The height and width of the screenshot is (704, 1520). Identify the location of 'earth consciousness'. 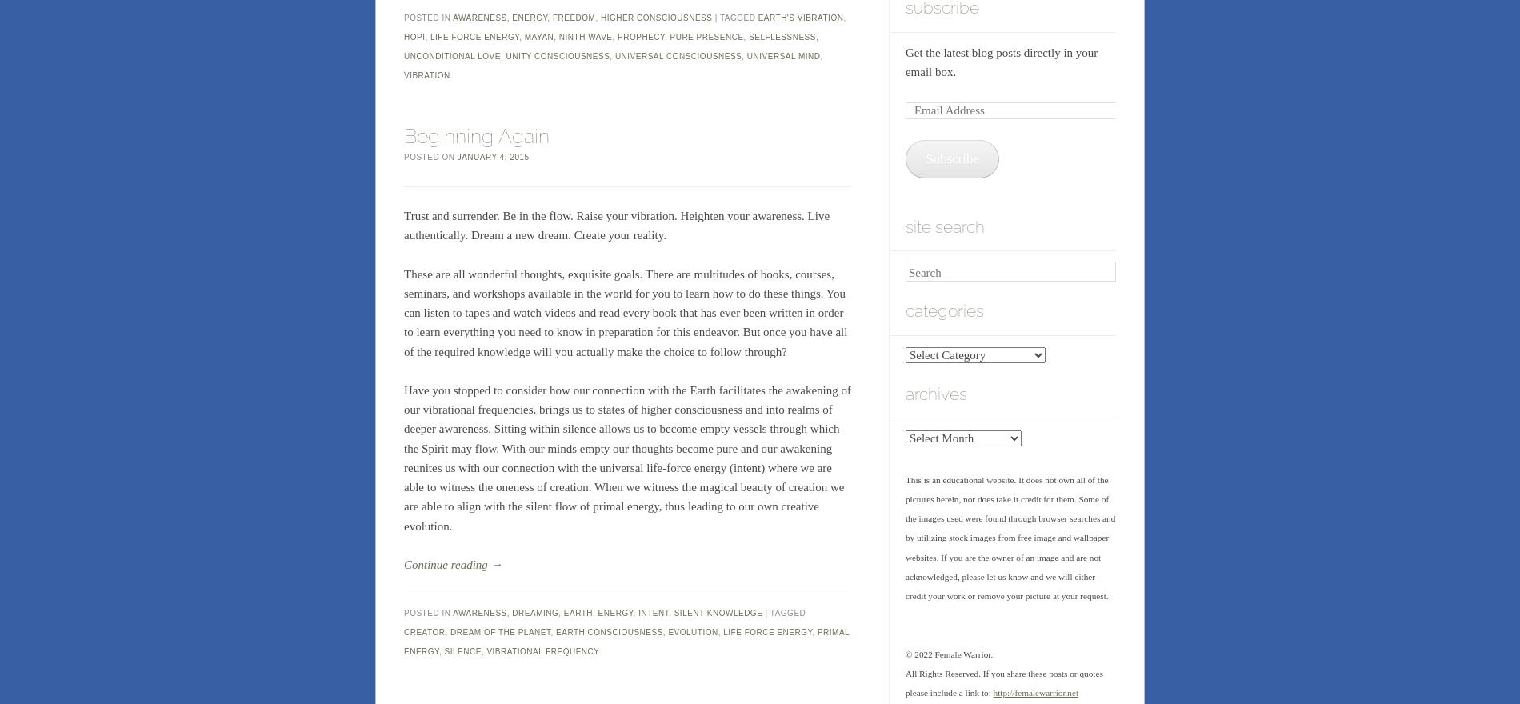
(556, 632).